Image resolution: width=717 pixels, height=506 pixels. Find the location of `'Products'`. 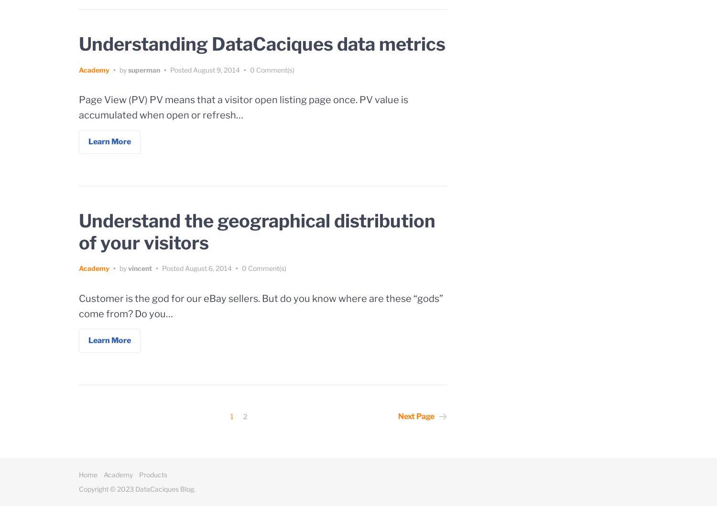

'Products' is located at coordinates (152, 474).